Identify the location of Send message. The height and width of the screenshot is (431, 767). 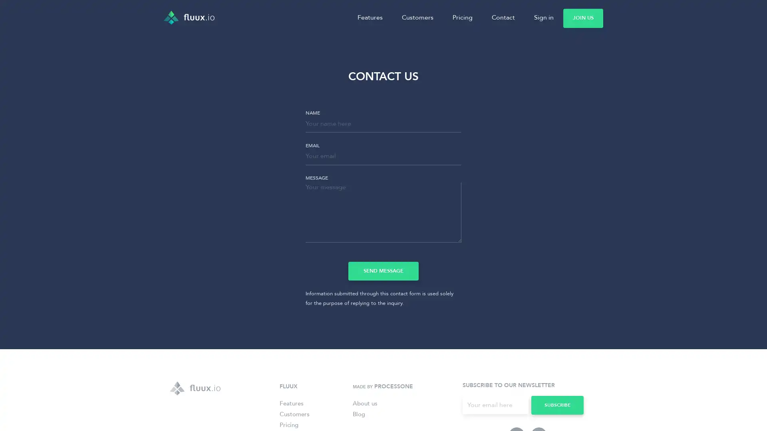
(383, 270).